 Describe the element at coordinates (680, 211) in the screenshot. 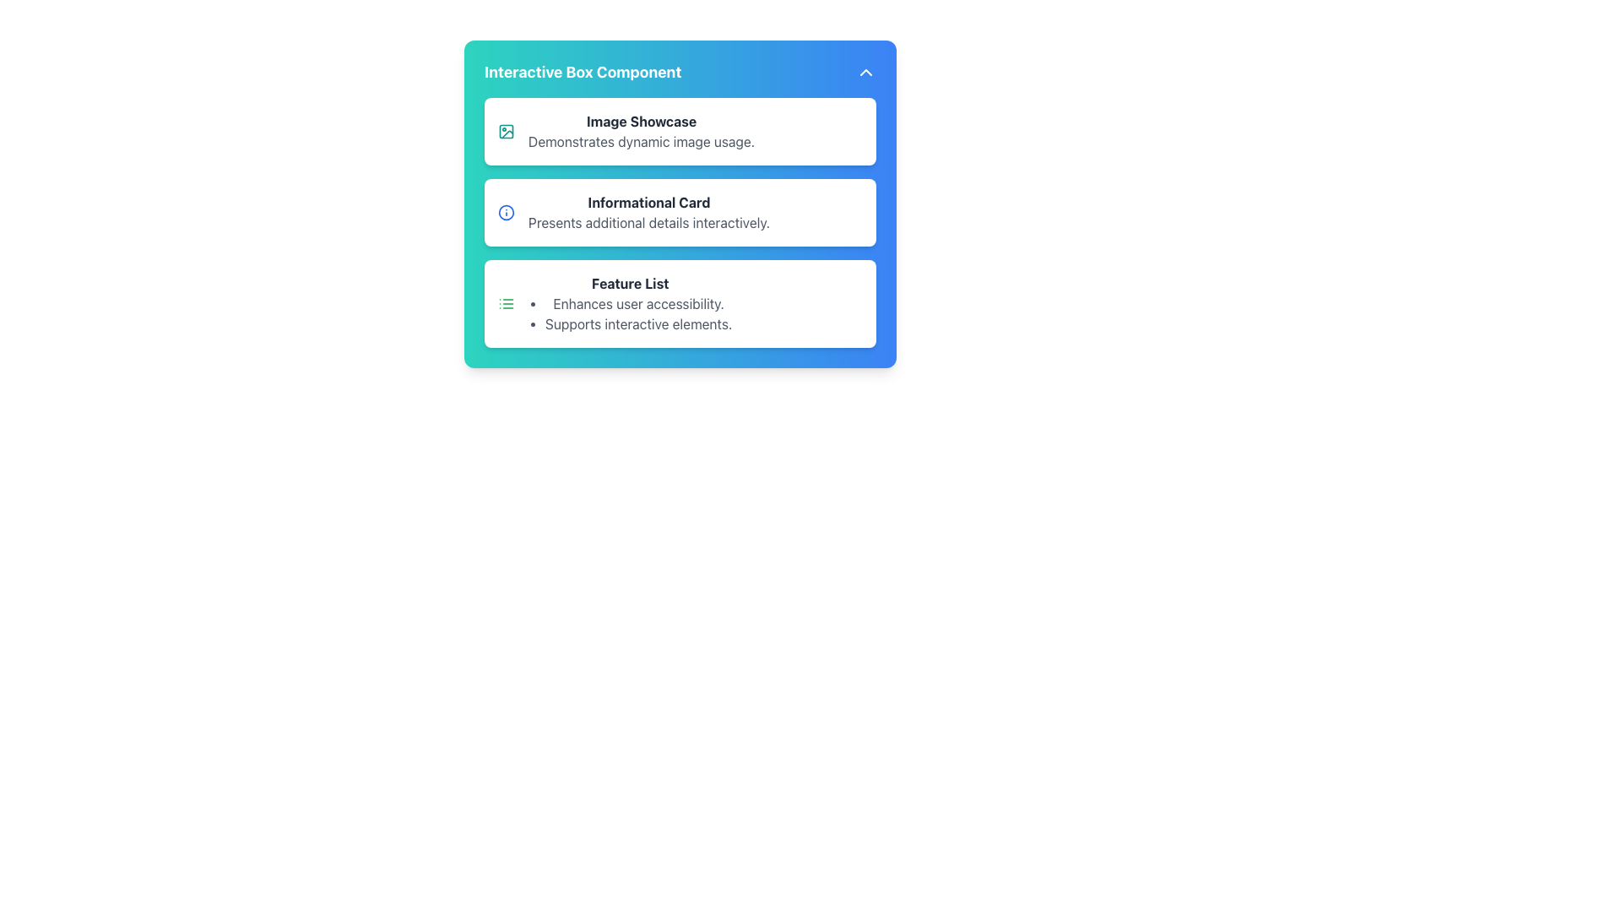

I see `the details provided in the Informational Card, which is a rectangular white card with a blue information icon and two lines of text, located at the specified coordinates` at that location.